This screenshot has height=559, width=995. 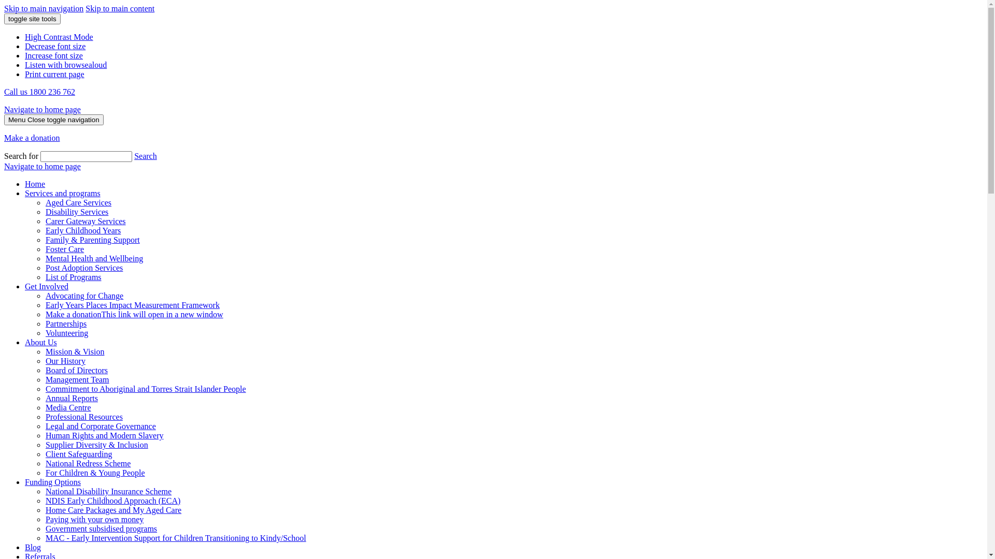 I want to click on 'Media Centre', so click(x=67, y=407).